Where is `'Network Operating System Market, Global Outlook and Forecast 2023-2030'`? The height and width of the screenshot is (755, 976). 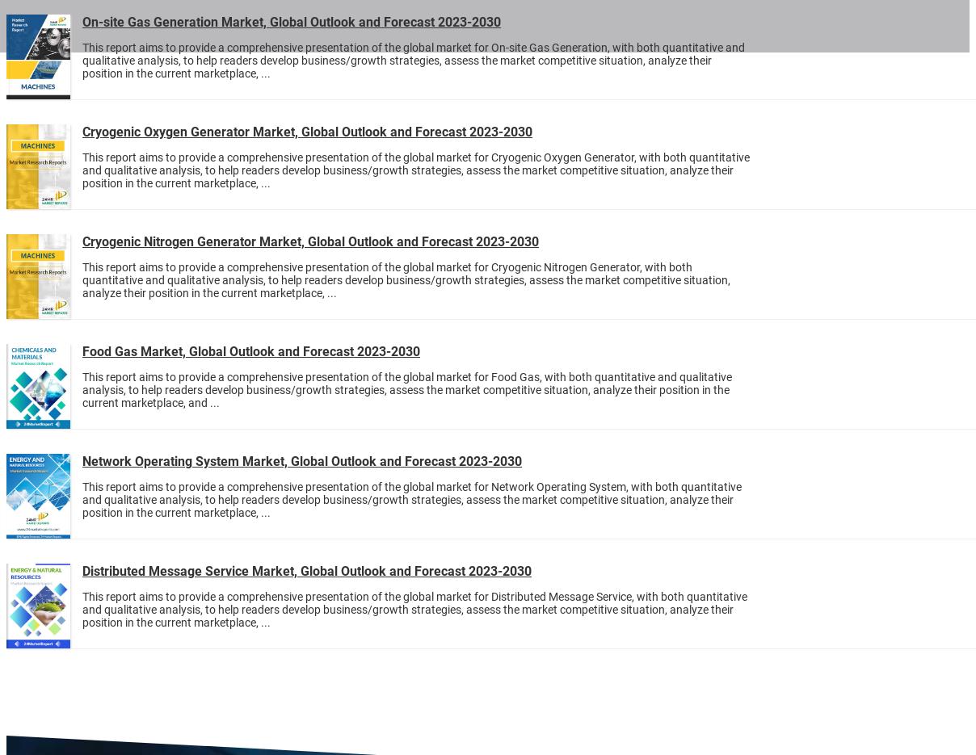
'Network Operating System Market, Global Outlook and Forecast 2023-2030' is located at coordinates (301, 461).